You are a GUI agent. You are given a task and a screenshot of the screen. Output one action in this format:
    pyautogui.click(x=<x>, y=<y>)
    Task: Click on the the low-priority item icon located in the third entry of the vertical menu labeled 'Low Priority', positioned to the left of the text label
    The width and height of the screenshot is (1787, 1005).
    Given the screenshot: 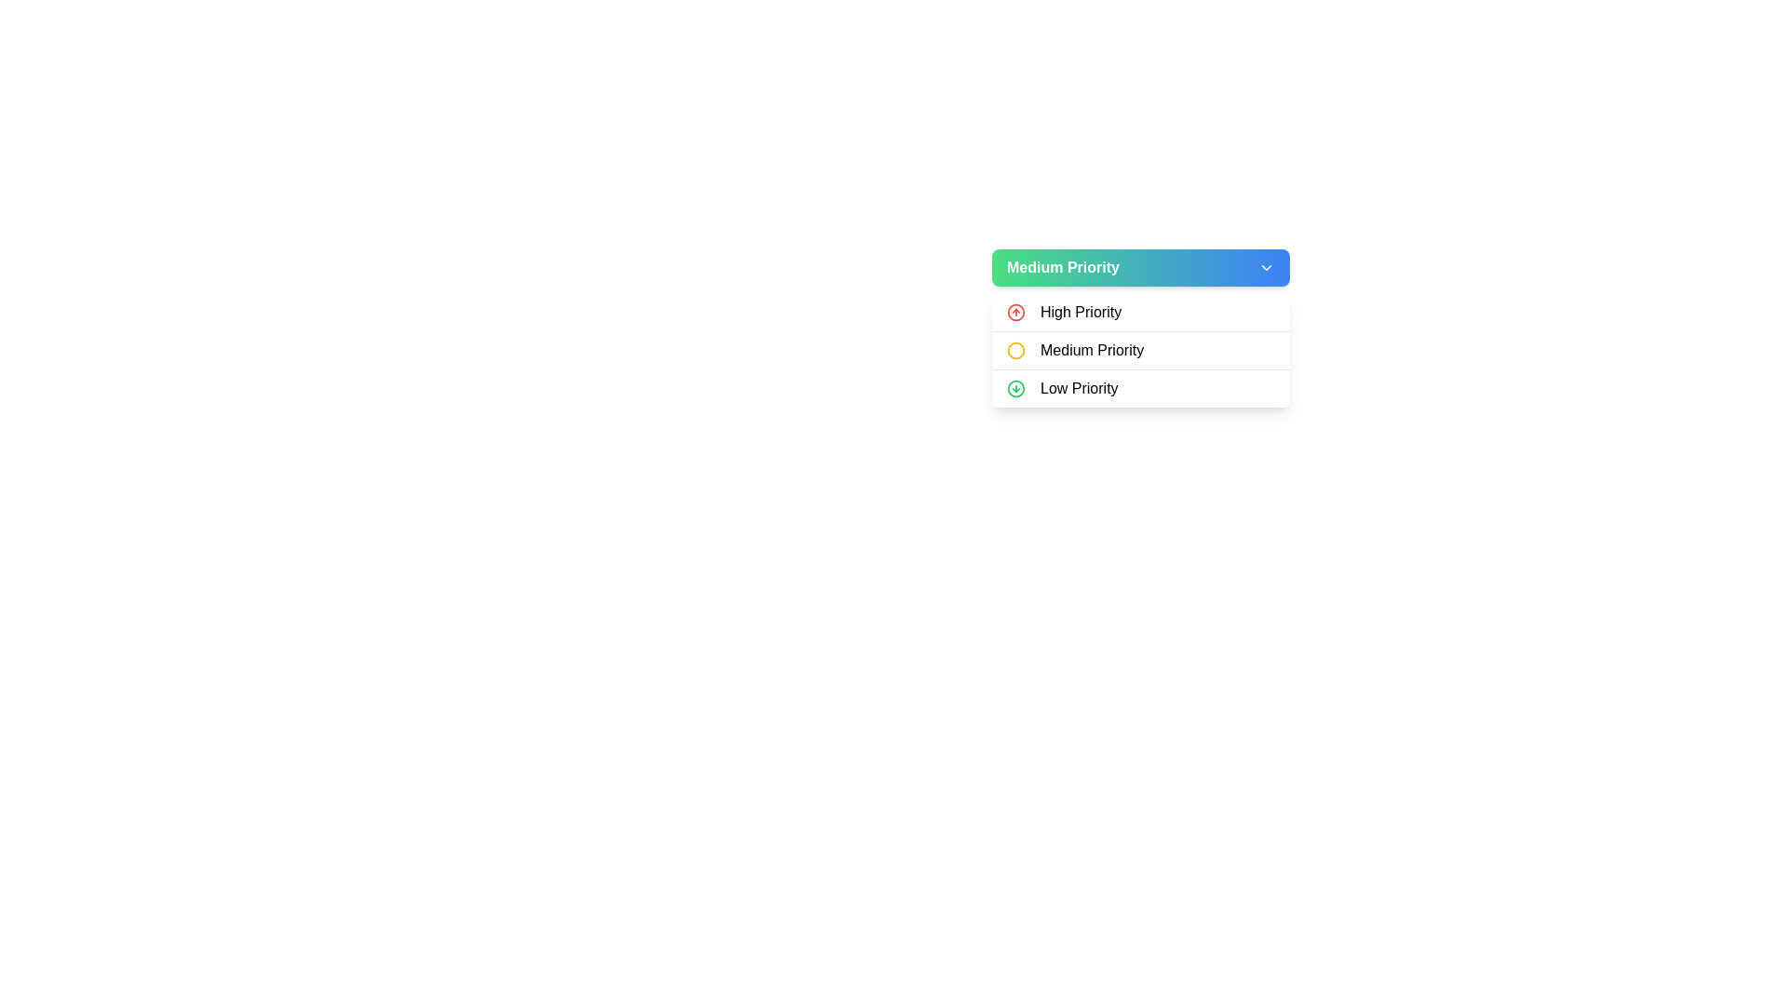 What is the action you would take?
    pyautogui.click(x=1014, y=387)
    